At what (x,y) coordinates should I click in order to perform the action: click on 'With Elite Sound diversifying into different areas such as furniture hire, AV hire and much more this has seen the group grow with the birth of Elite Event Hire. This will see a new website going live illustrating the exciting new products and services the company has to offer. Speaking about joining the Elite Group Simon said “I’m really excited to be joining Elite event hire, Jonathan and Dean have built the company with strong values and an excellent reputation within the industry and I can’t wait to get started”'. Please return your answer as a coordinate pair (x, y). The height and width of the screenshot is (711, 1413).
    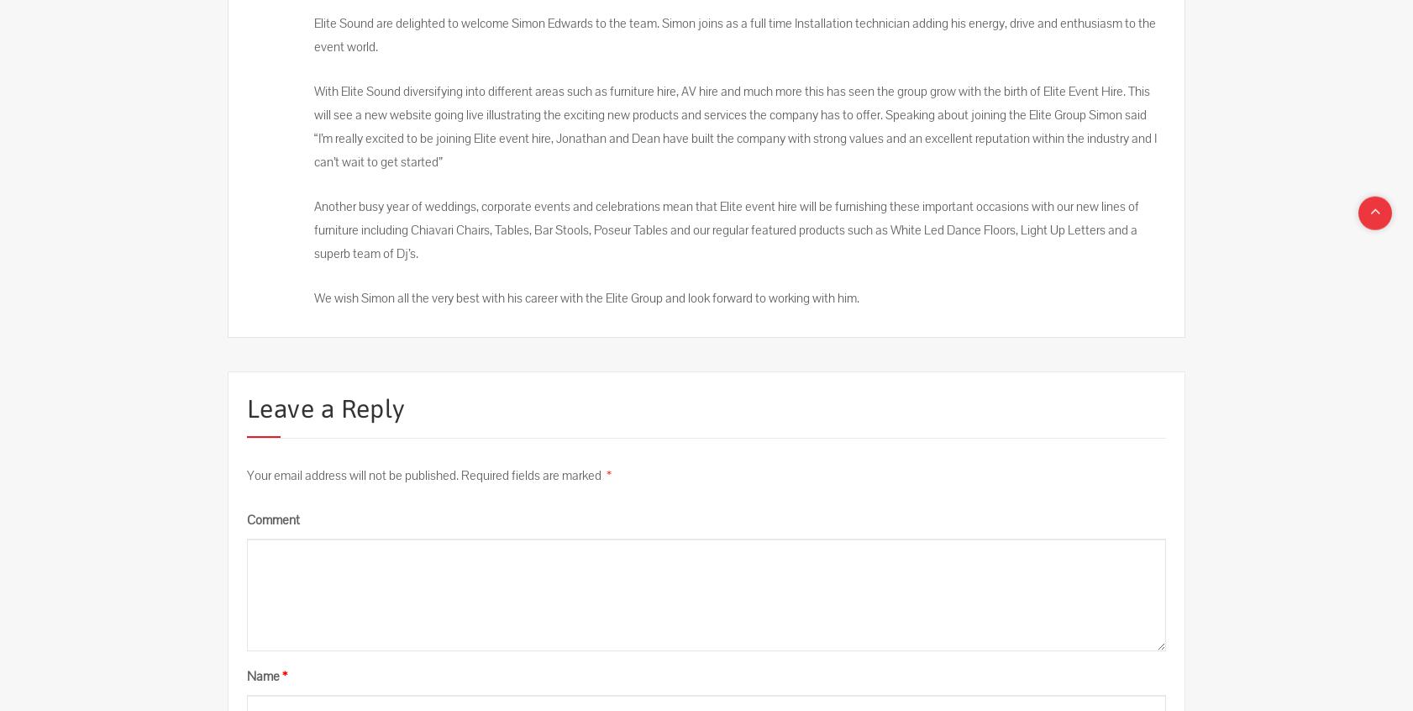
    Looking at the image, I should click on (313, 126).